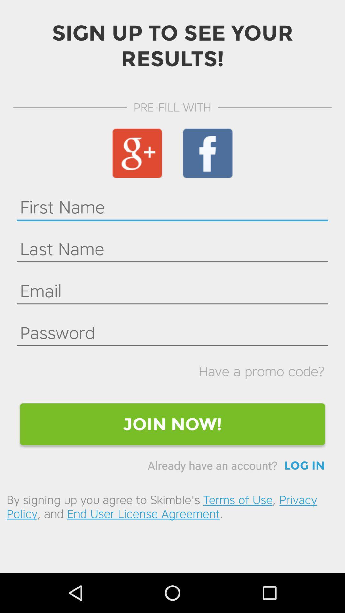  What do you see at coordinates (304, 465) in the screenshot?
I see `the log in` at bounding box center [304, 465].